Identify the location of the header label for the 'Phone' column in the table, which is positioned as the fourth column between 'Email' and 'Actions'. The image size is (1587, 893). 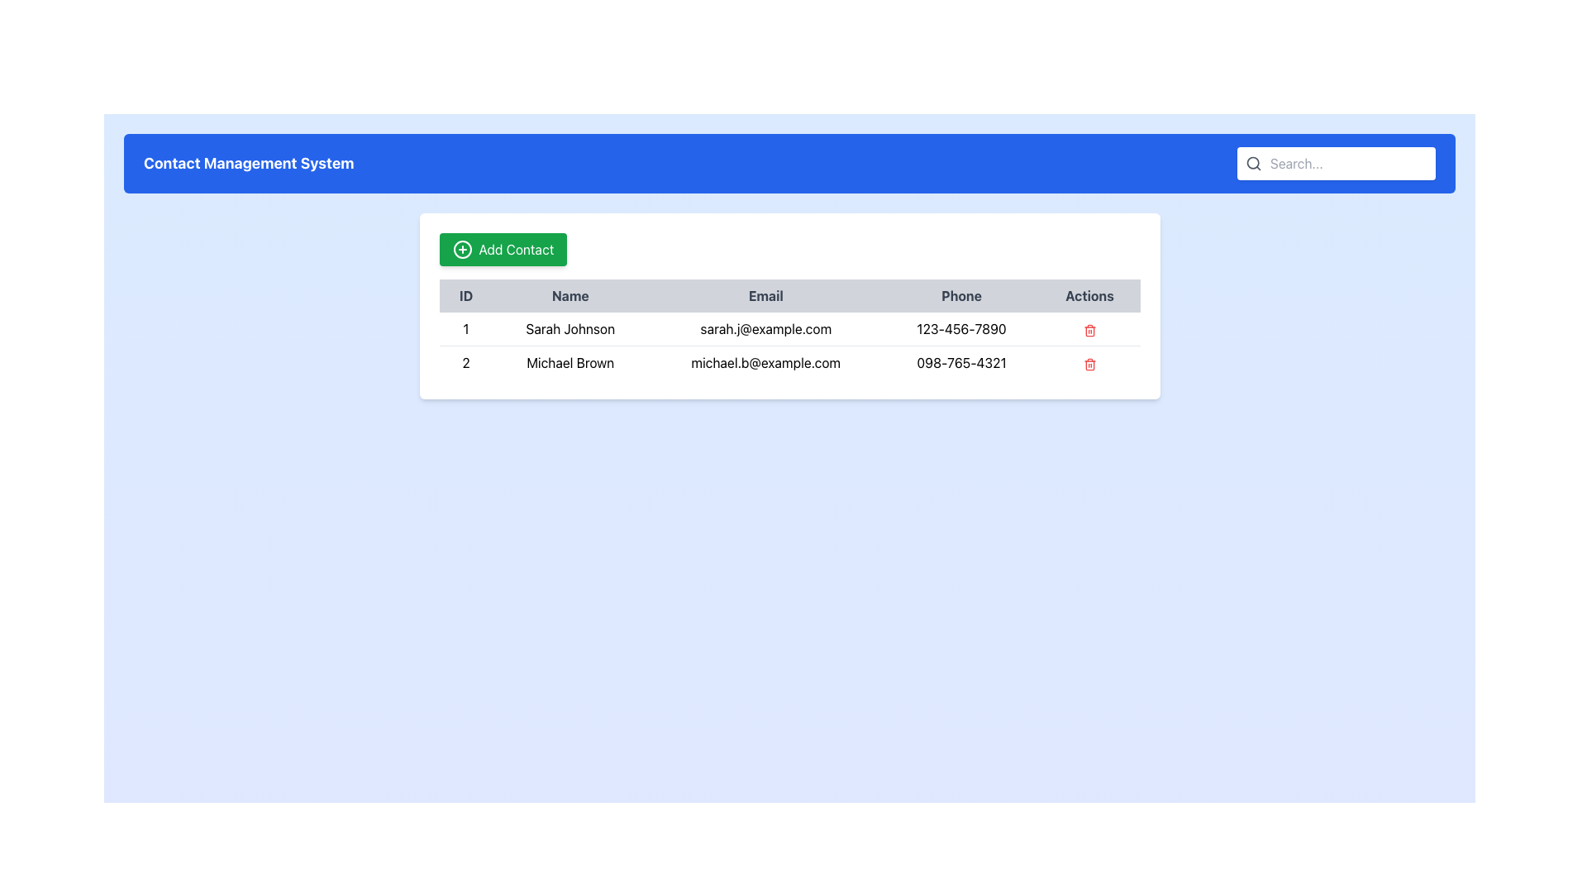
(961, 295).